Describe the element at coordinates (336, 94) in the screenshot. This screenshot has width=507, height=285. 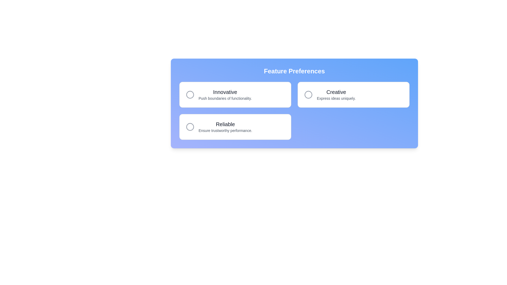
I see `the selectable text label that says 'Creative' with the phrase 'Express ideas uniquely.' below it, located in the second card of the right column under the 'Feature Preferences' header` at that location.